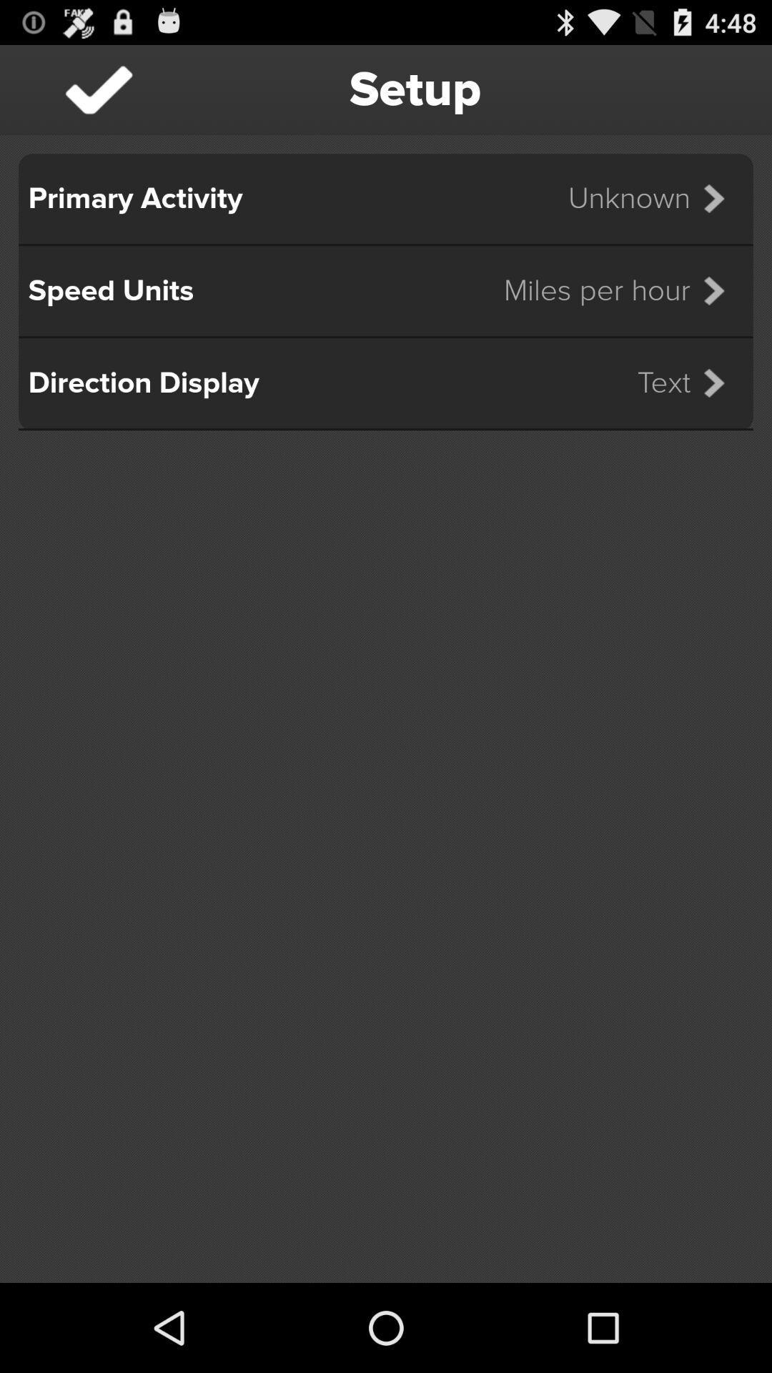 The image size is (772, 1373). What do you see at coordinates (655, 198) in the screenshot?
I see `unknown icon` at bounding box center [655, 198].